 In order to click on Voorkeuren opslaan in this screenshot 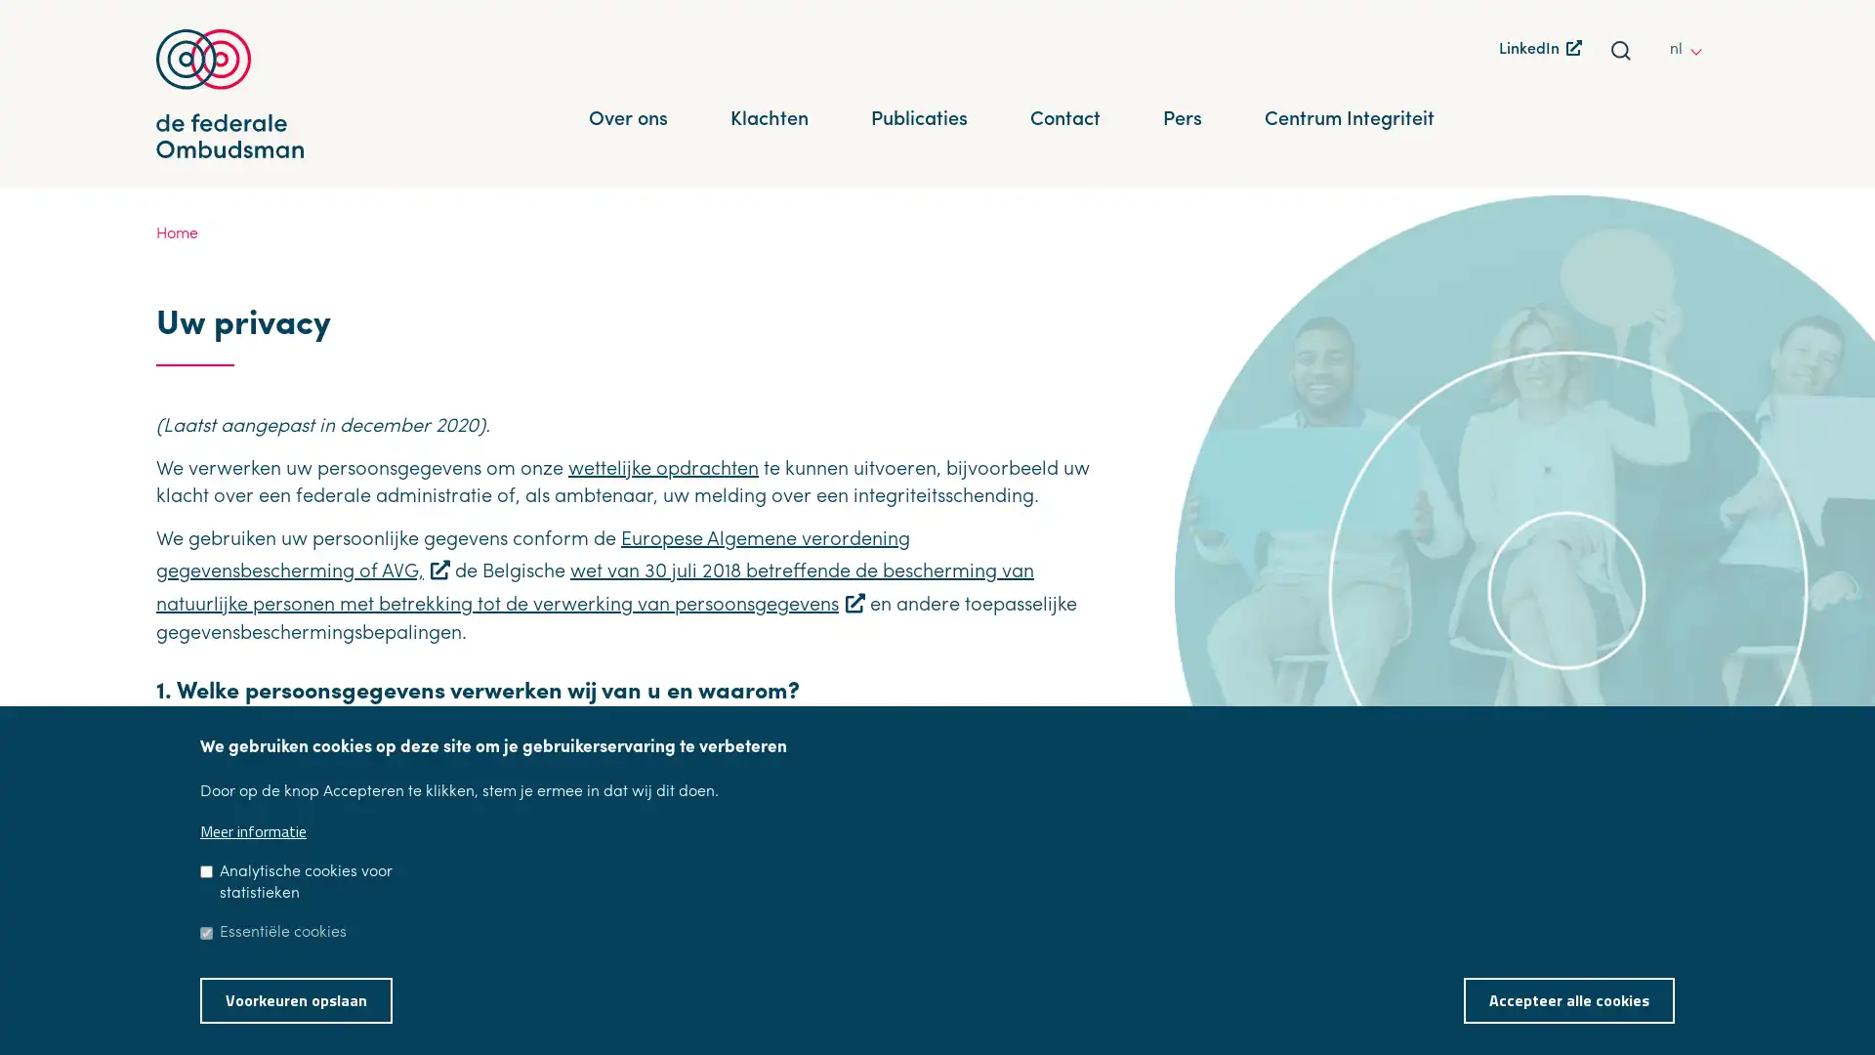, I will do `click(295, 999)`.